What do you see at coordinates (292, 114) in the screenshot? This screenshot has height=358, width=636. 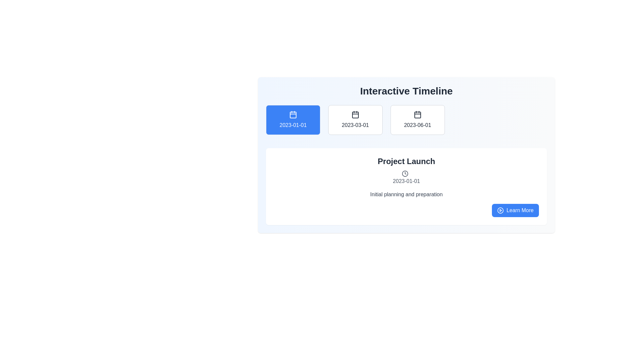 I see `the calendar-shaped icon within the blue rectangular button labeled '2023-01-01', which is the first among three similar buttons at the top of the interface` at bounding box center [292, 114].